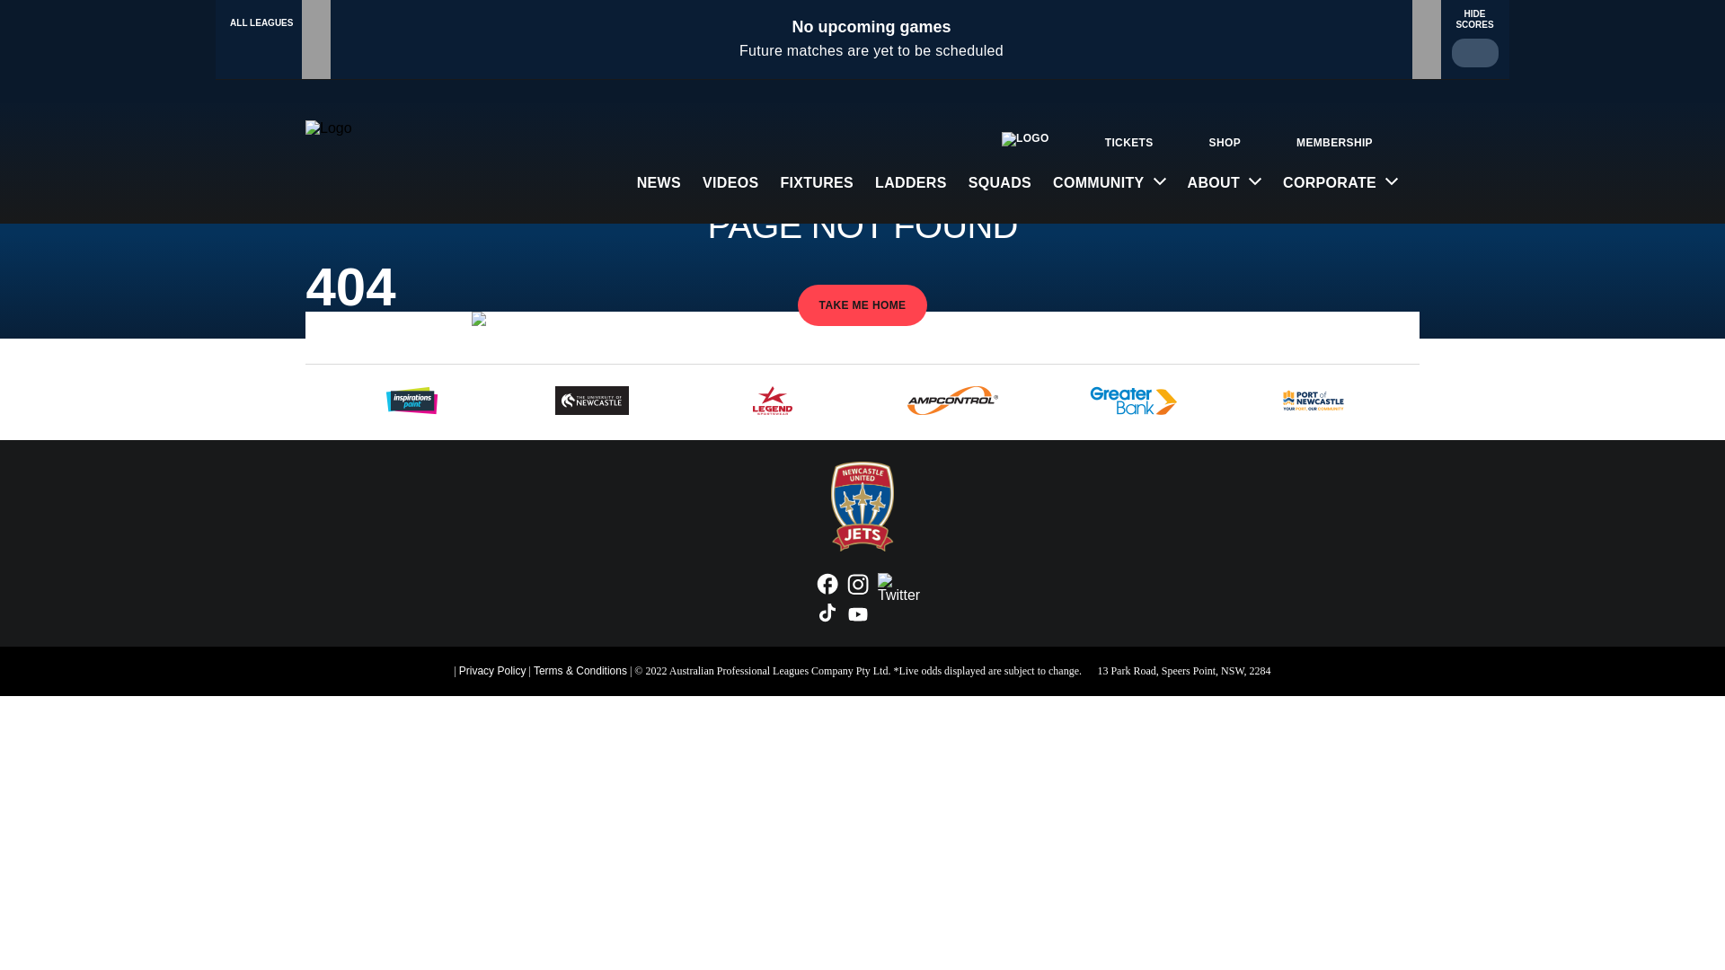 This screenshot has height=970, width=1725. I want to click on 'ABOUT', so click(1224, 182).